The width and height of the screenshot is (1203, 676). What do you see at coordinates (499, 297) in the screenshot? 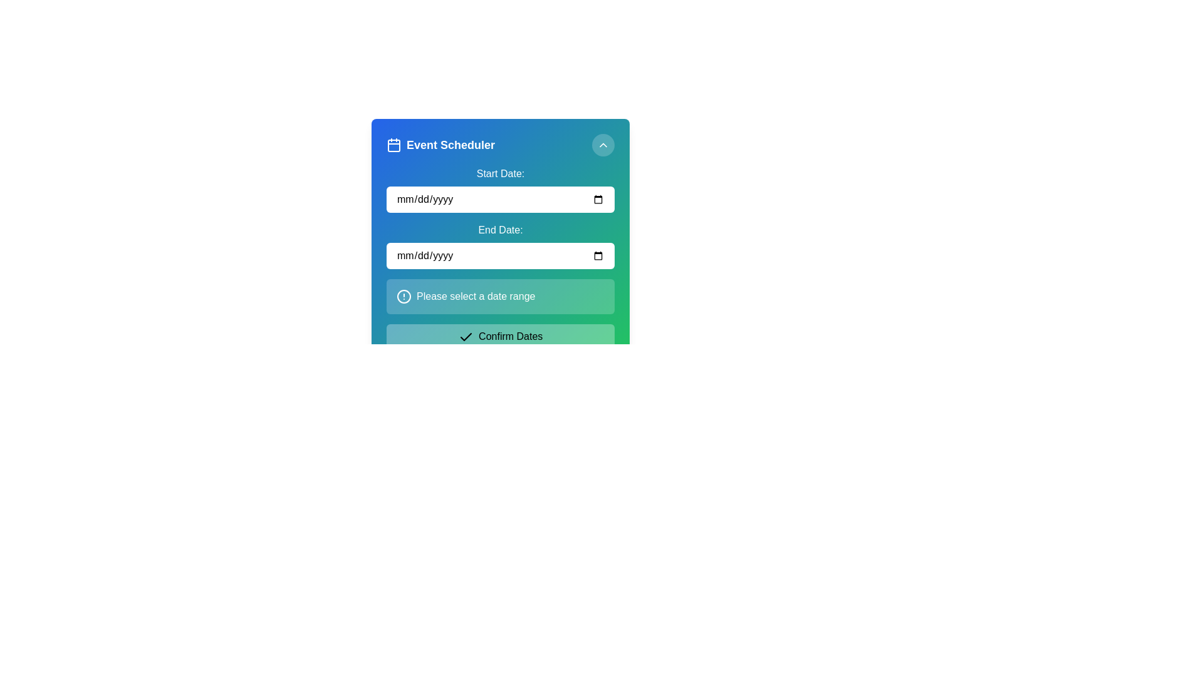
I see `the static informational box located between the 'End Date:' input field and the 'Confirm Dates' button to prompt user interaction` at bounding box center [499, 297].